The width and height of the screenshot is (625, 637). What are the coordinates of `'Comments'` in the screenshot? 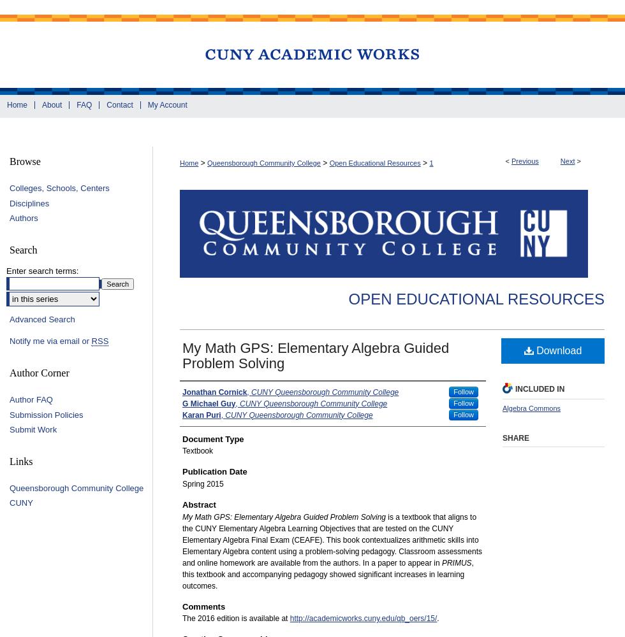 It's located at (203, 605).